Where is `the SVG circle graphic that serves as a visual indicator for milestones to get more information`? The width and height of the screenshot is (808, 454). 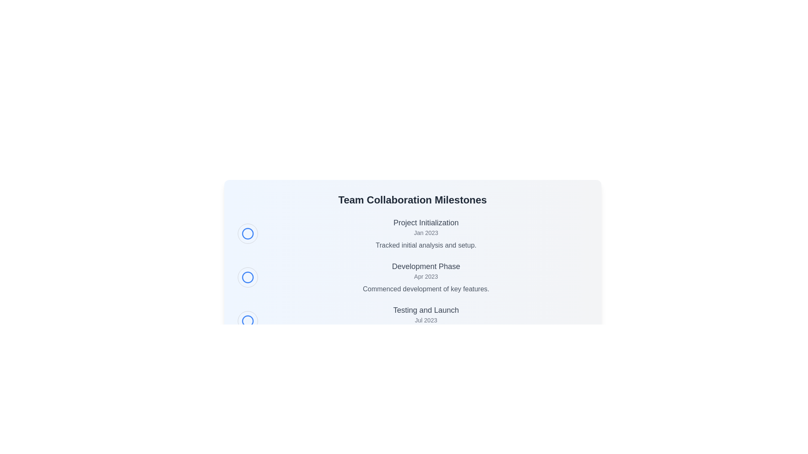 the SVG circle graphic that serves as a visual indicator for milestones to get more information is located at coordinates (247, 321).